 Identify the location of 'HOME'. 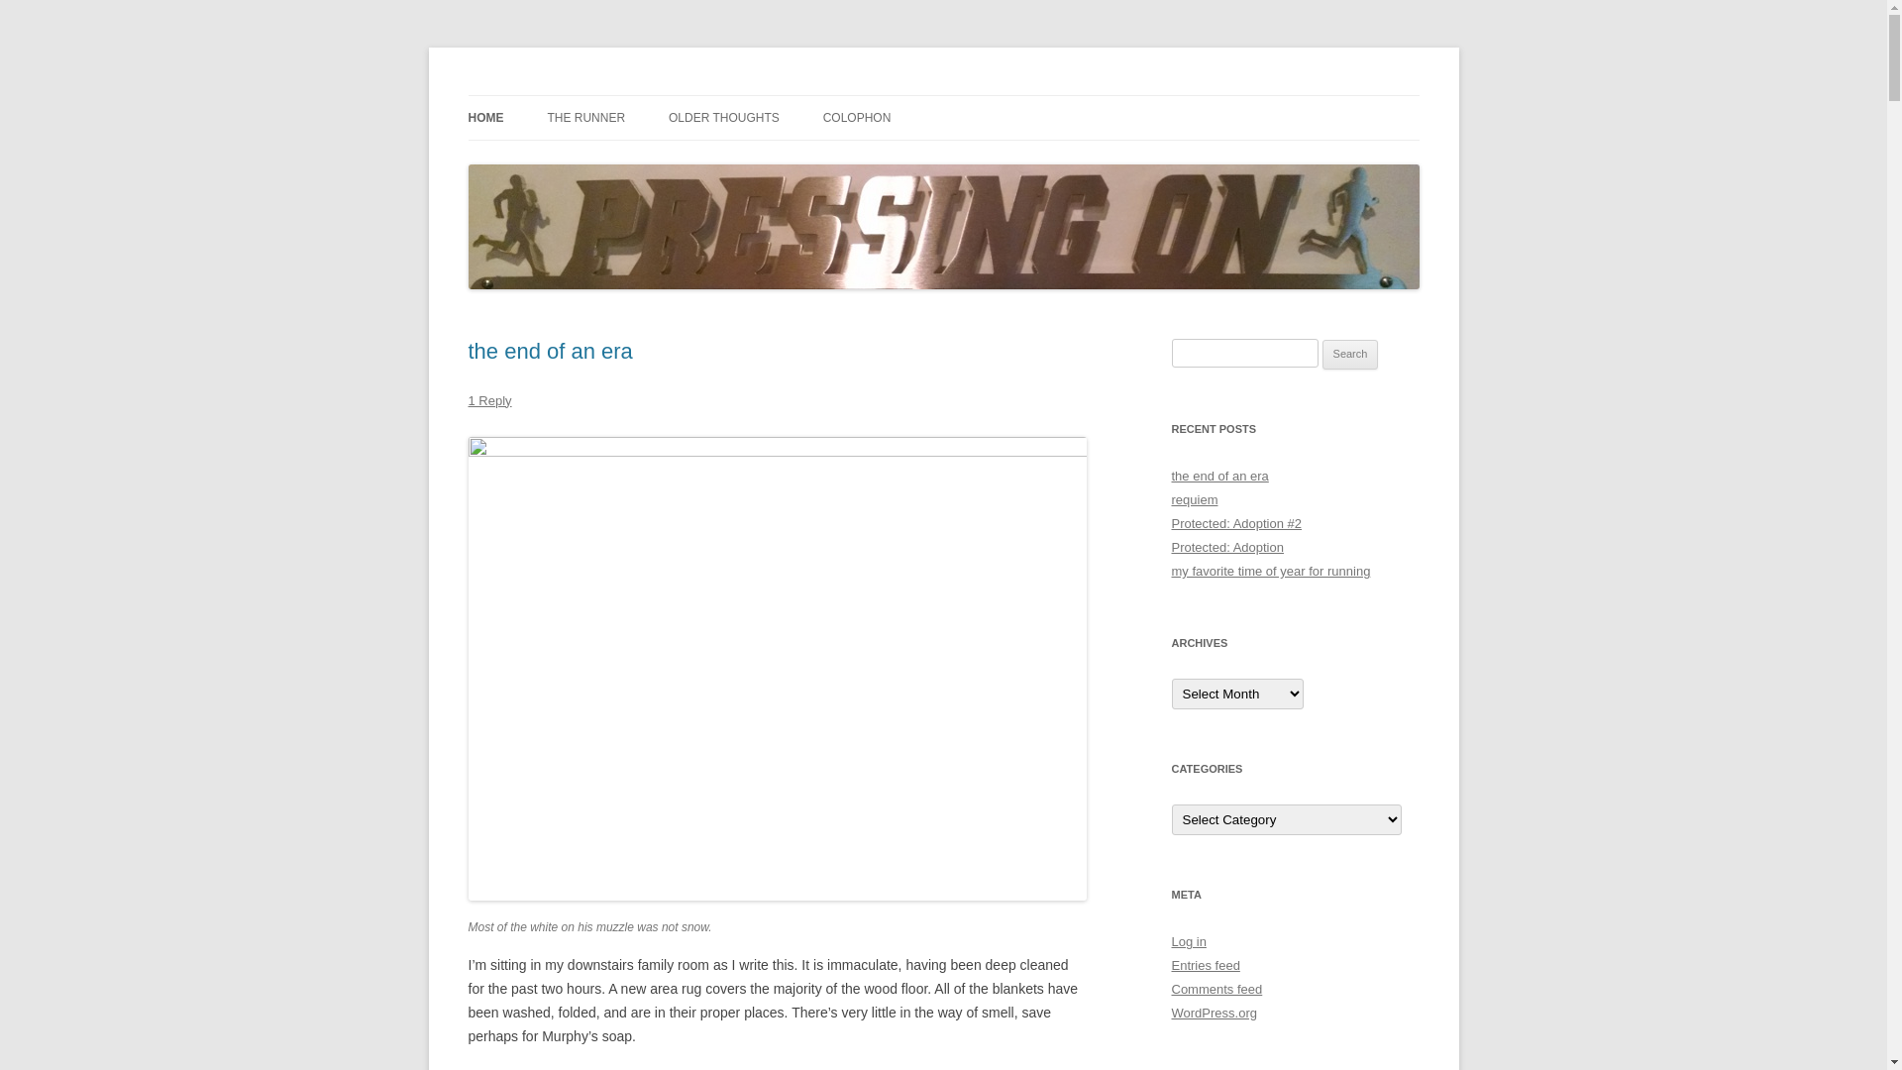
(484, 118).